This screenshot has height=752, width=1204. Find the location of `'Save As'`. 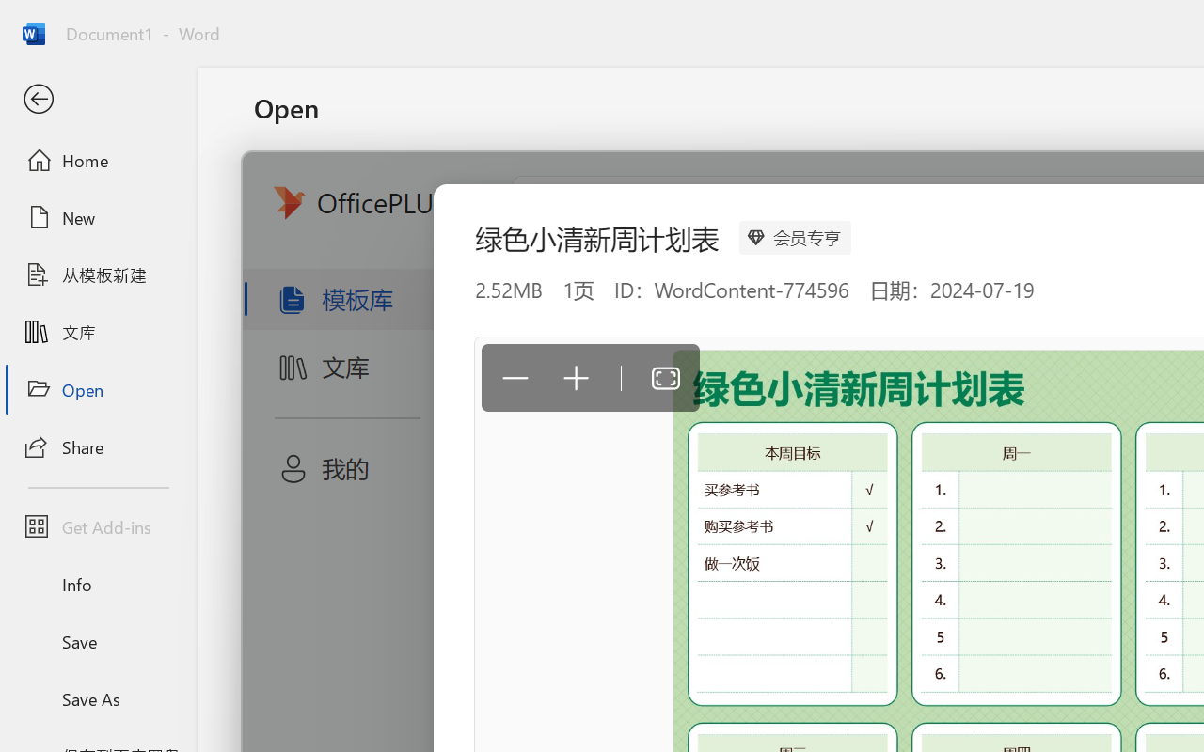

'Save As' is located at coordinates (97, 698).